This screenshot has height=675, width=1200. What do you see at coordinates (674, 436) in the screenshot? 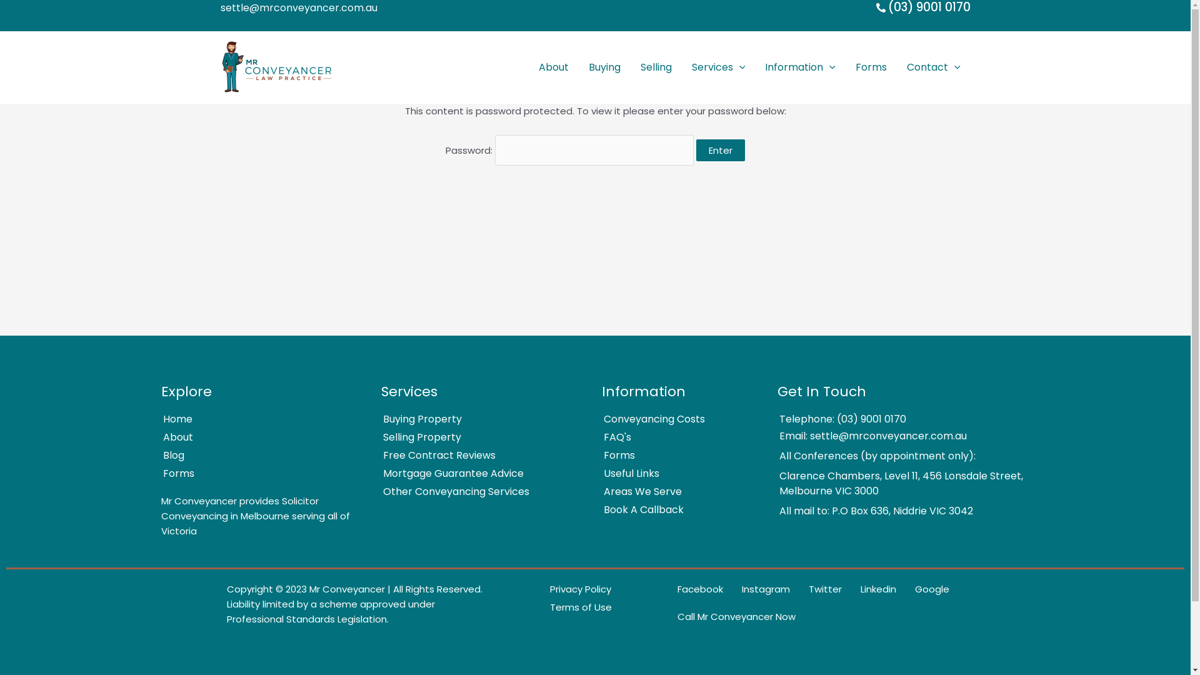
I see `'FAQ's'` at bounding box center [674, 436].